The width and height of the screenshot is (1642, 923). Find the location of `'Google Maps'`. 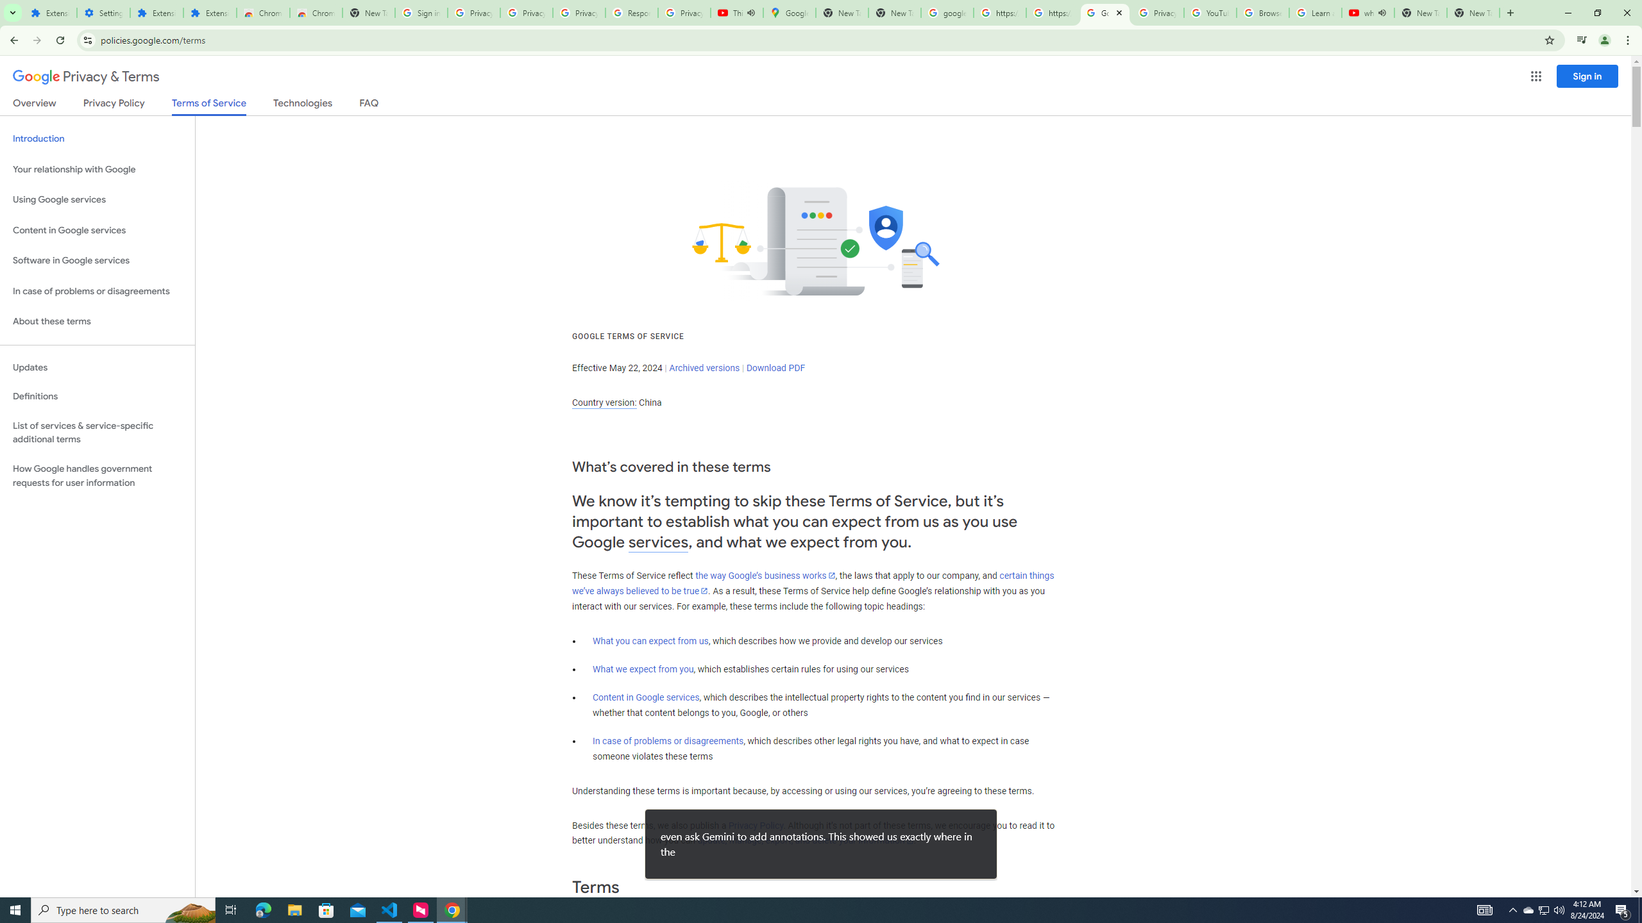

'Google Maps' is located at coordinates (789, 12).